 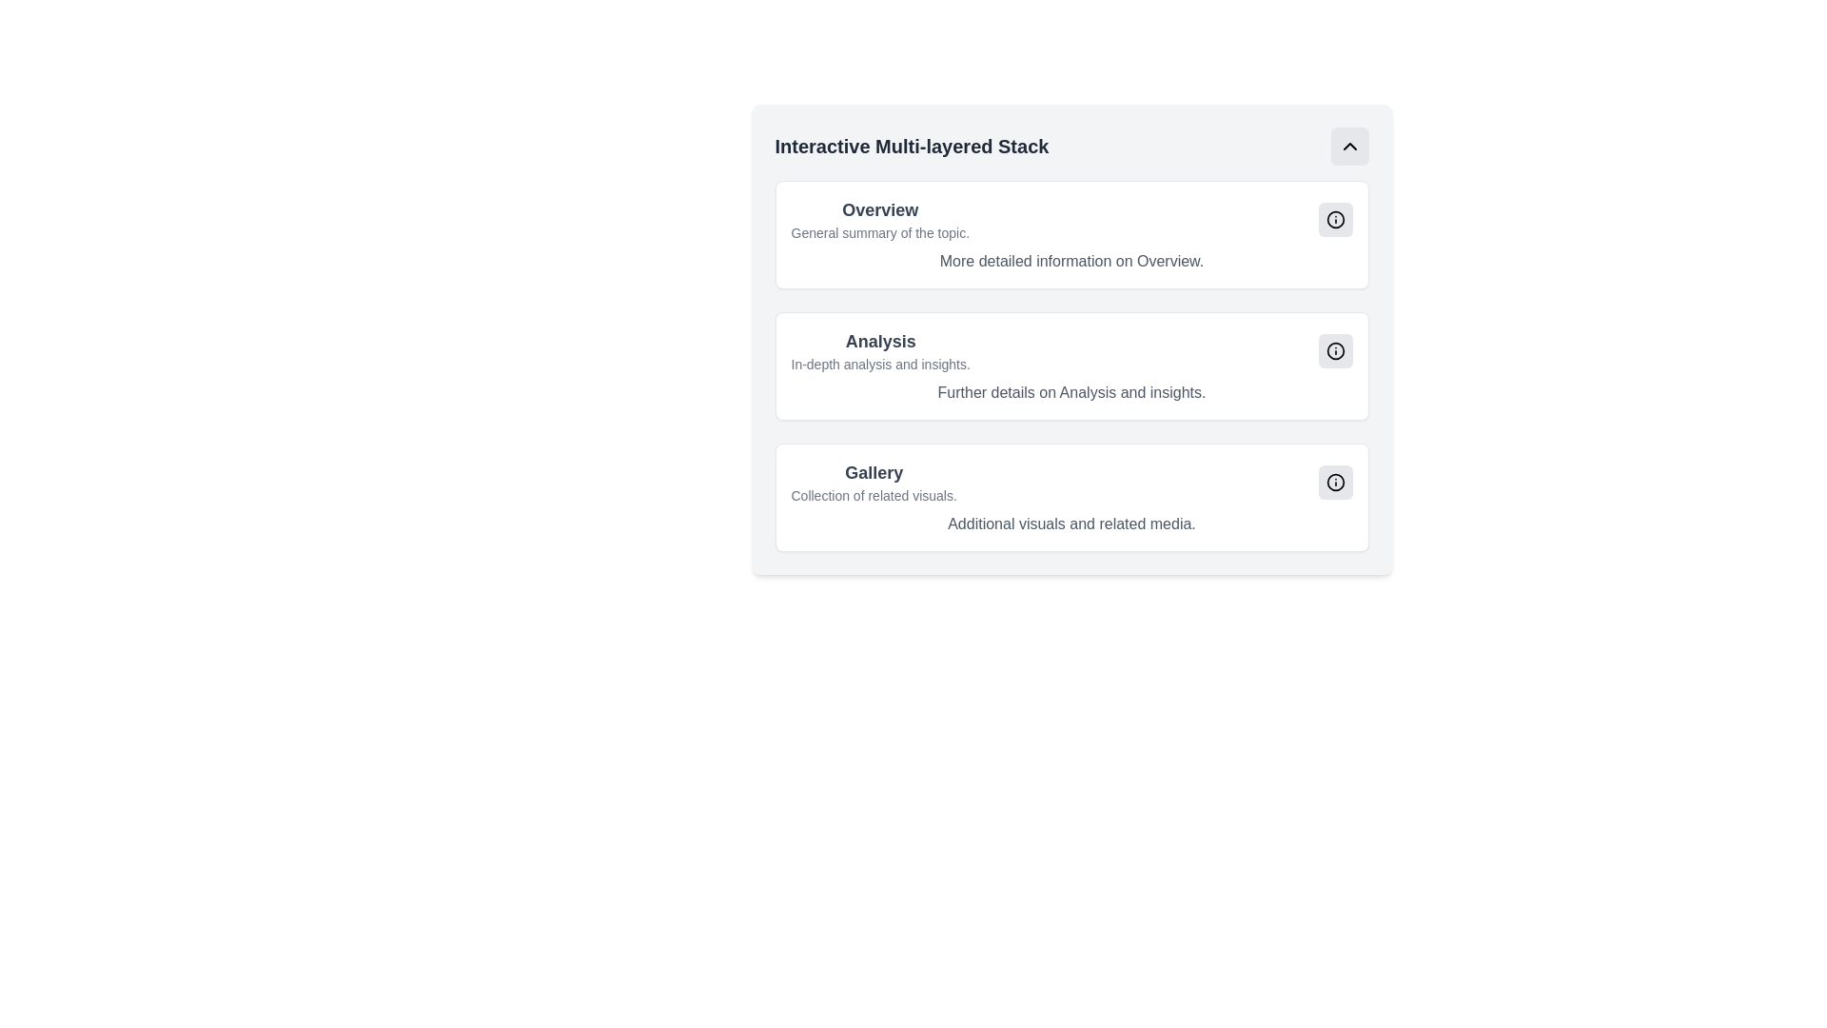 I want to click on the circular graphical component with a black border that is part of the stylized icon in the 'Gallery' section at the bottom of the list, so click(x=1334, y=481).